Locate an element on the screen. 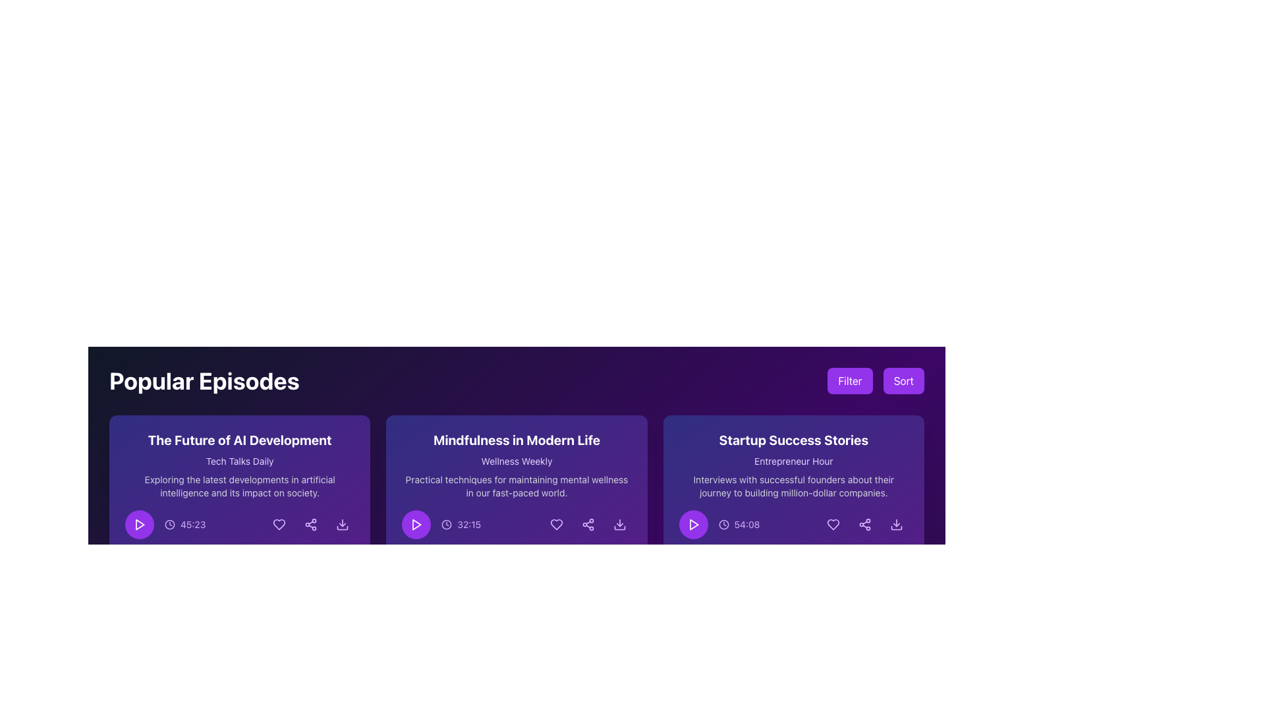  the 'Filter' button, which is a vibrant purple rectangular button with rounded corners containing the text 'Filter' in white, located on the right side of the interface adjacent to the 'Sort' button is located at coordinates (850, 381).